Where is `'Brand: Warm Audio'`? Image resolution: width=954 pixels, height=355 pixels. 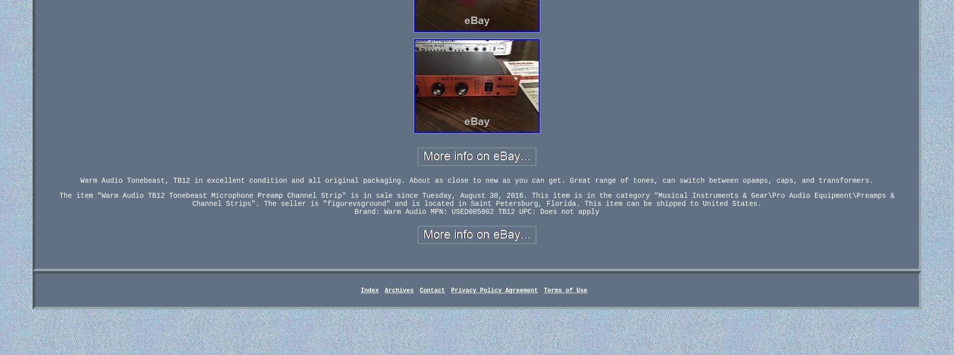
'Brand: Warm Audio' is located at coordinates (390, 211).